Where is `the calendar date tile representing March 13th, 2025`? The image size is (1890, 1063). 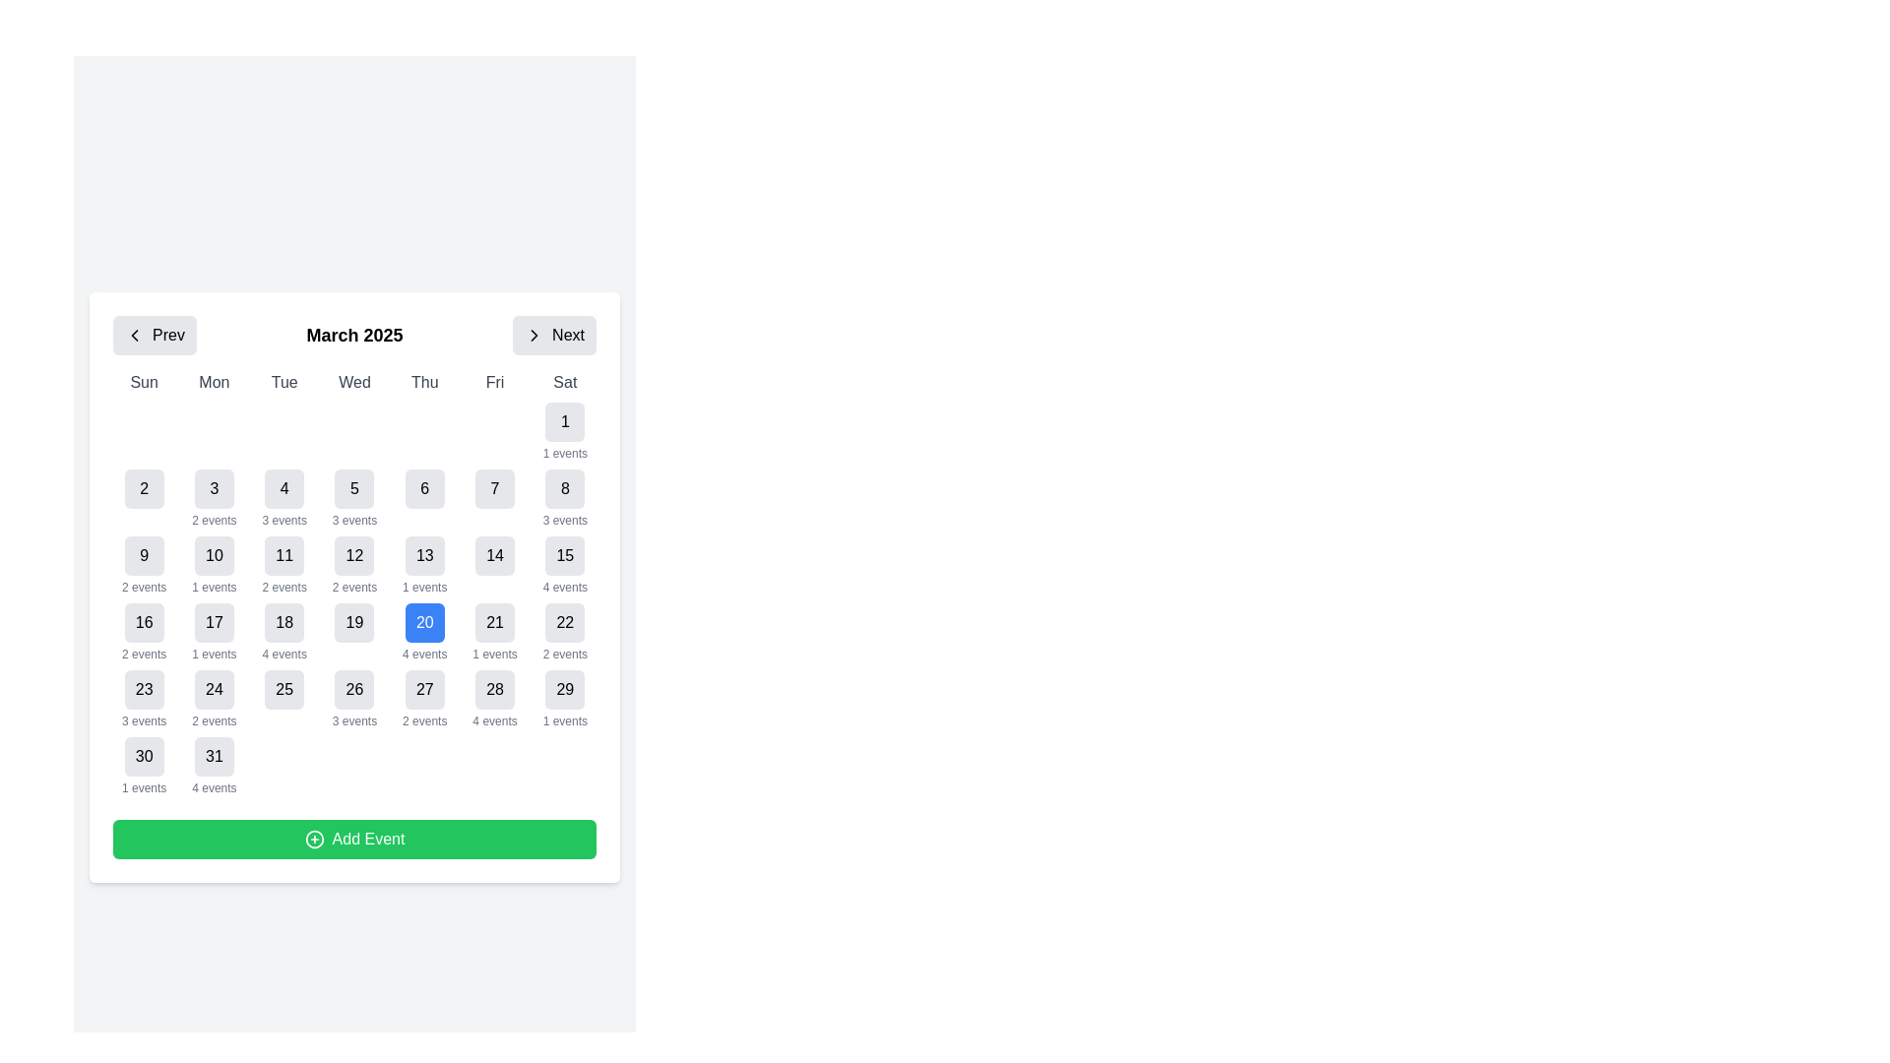
the calendar date tile representing March 13th, 2025 is located at coordinates (423, 565).